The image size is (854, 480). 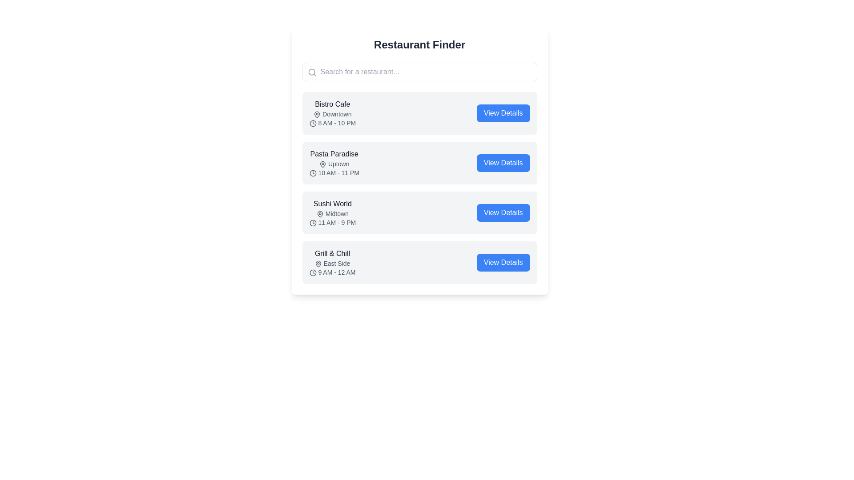 What do you see at coordinates (332, 114) in the screenshot?
I see `the second line of text within the 'Bistro Cafe' entry, which describes its location and is positioned below the restaurant name and above the operating hours` at bounding box center [332, 114].